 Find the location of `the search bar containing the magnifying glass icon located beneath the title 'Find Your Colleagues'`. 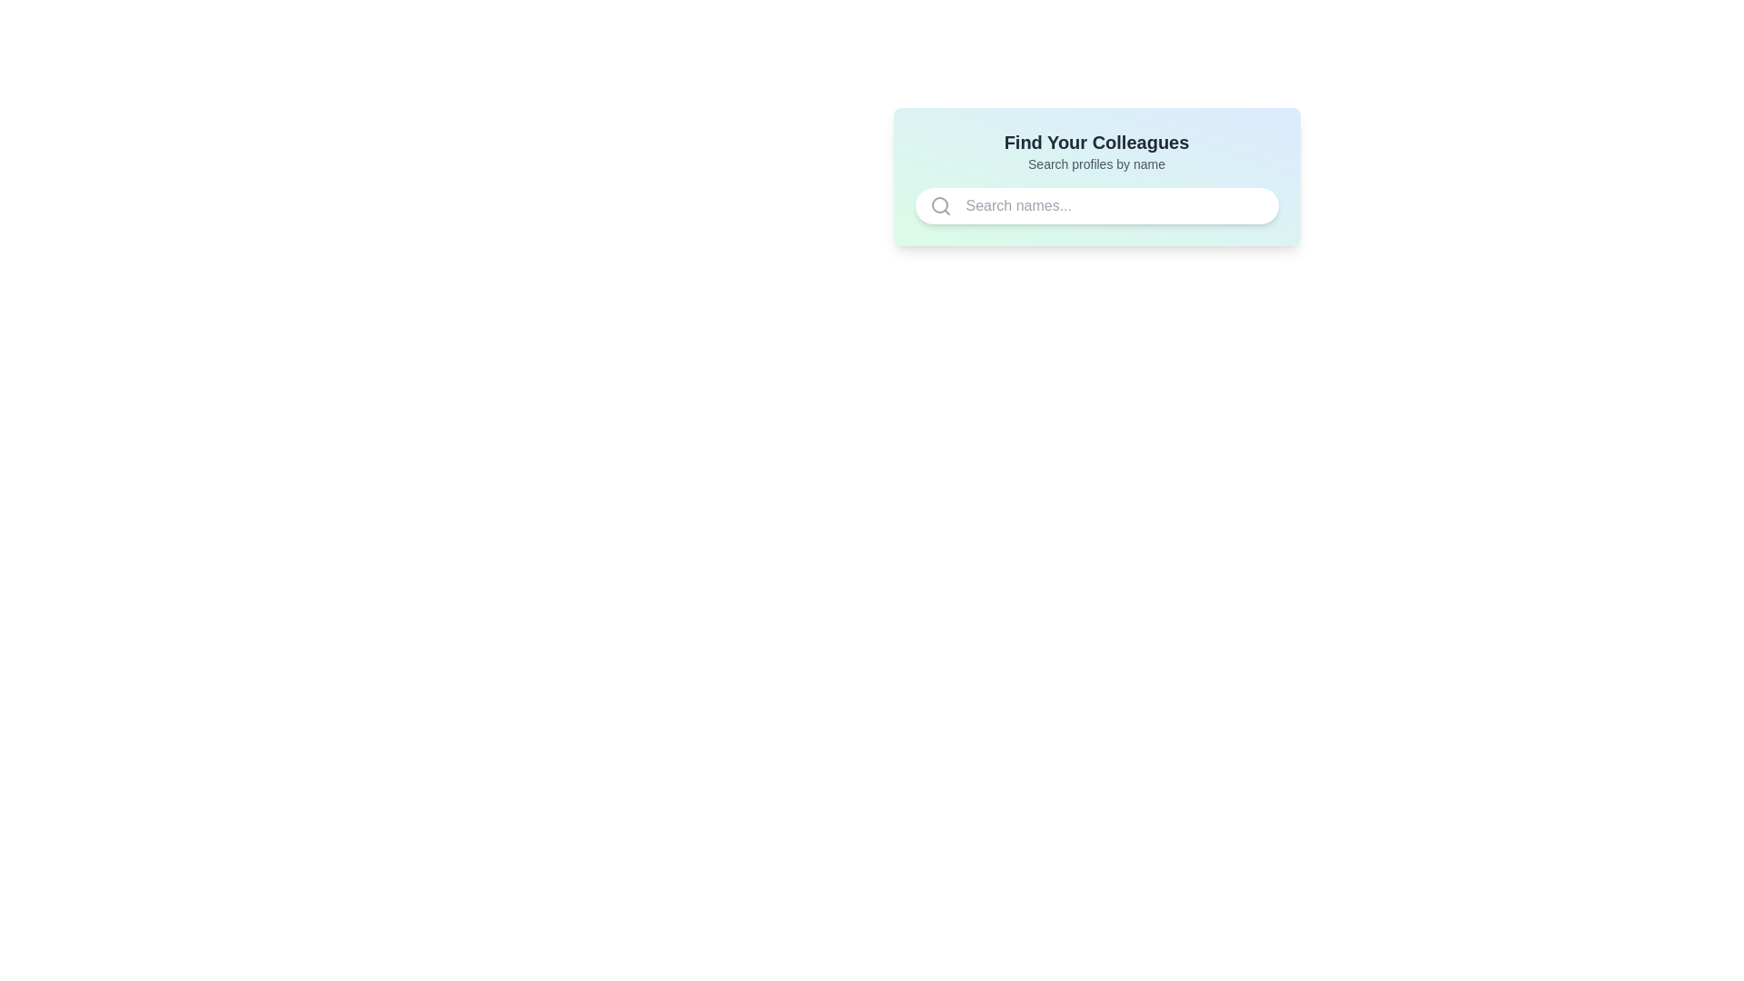

the search bar containing the magnifying glass icon located beneath the title 'Find Your Colleagues' is located at coordinates (939, 204).